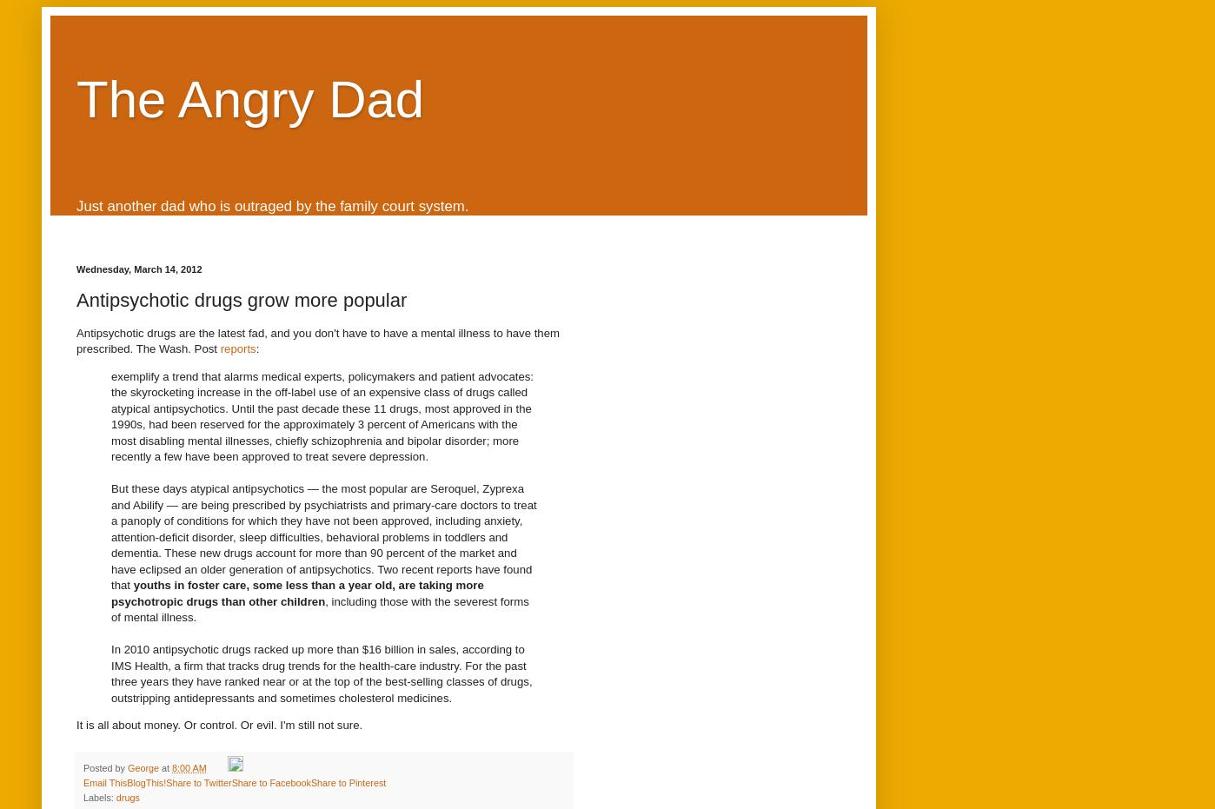 The height and width of the screenshot is (809, 1215). I want to click on 'BlogThis!', so click(146, 783).